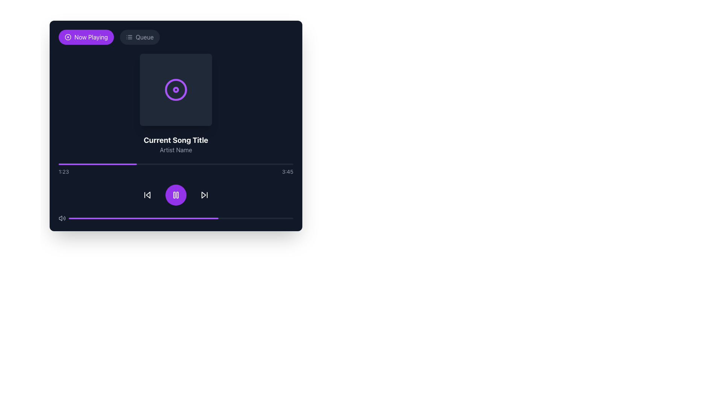 This screenshot has height=406, width=722. What do you see at coordinates (119, 164) in the screenshot?
I see `the playback progress` at bounding box center [119, 164].